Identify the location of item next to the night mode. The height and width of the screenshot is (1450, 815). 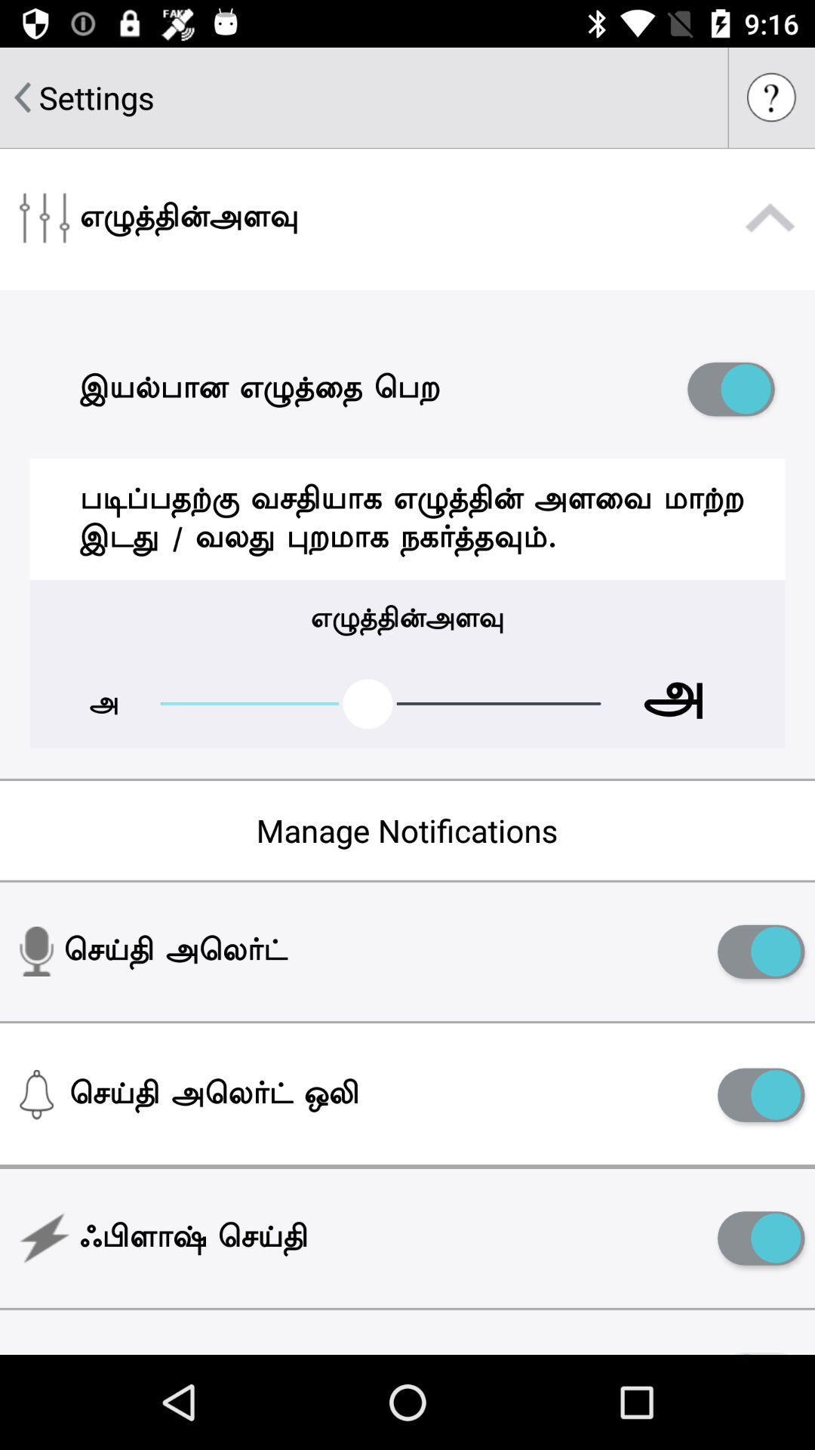
(761, 1350).